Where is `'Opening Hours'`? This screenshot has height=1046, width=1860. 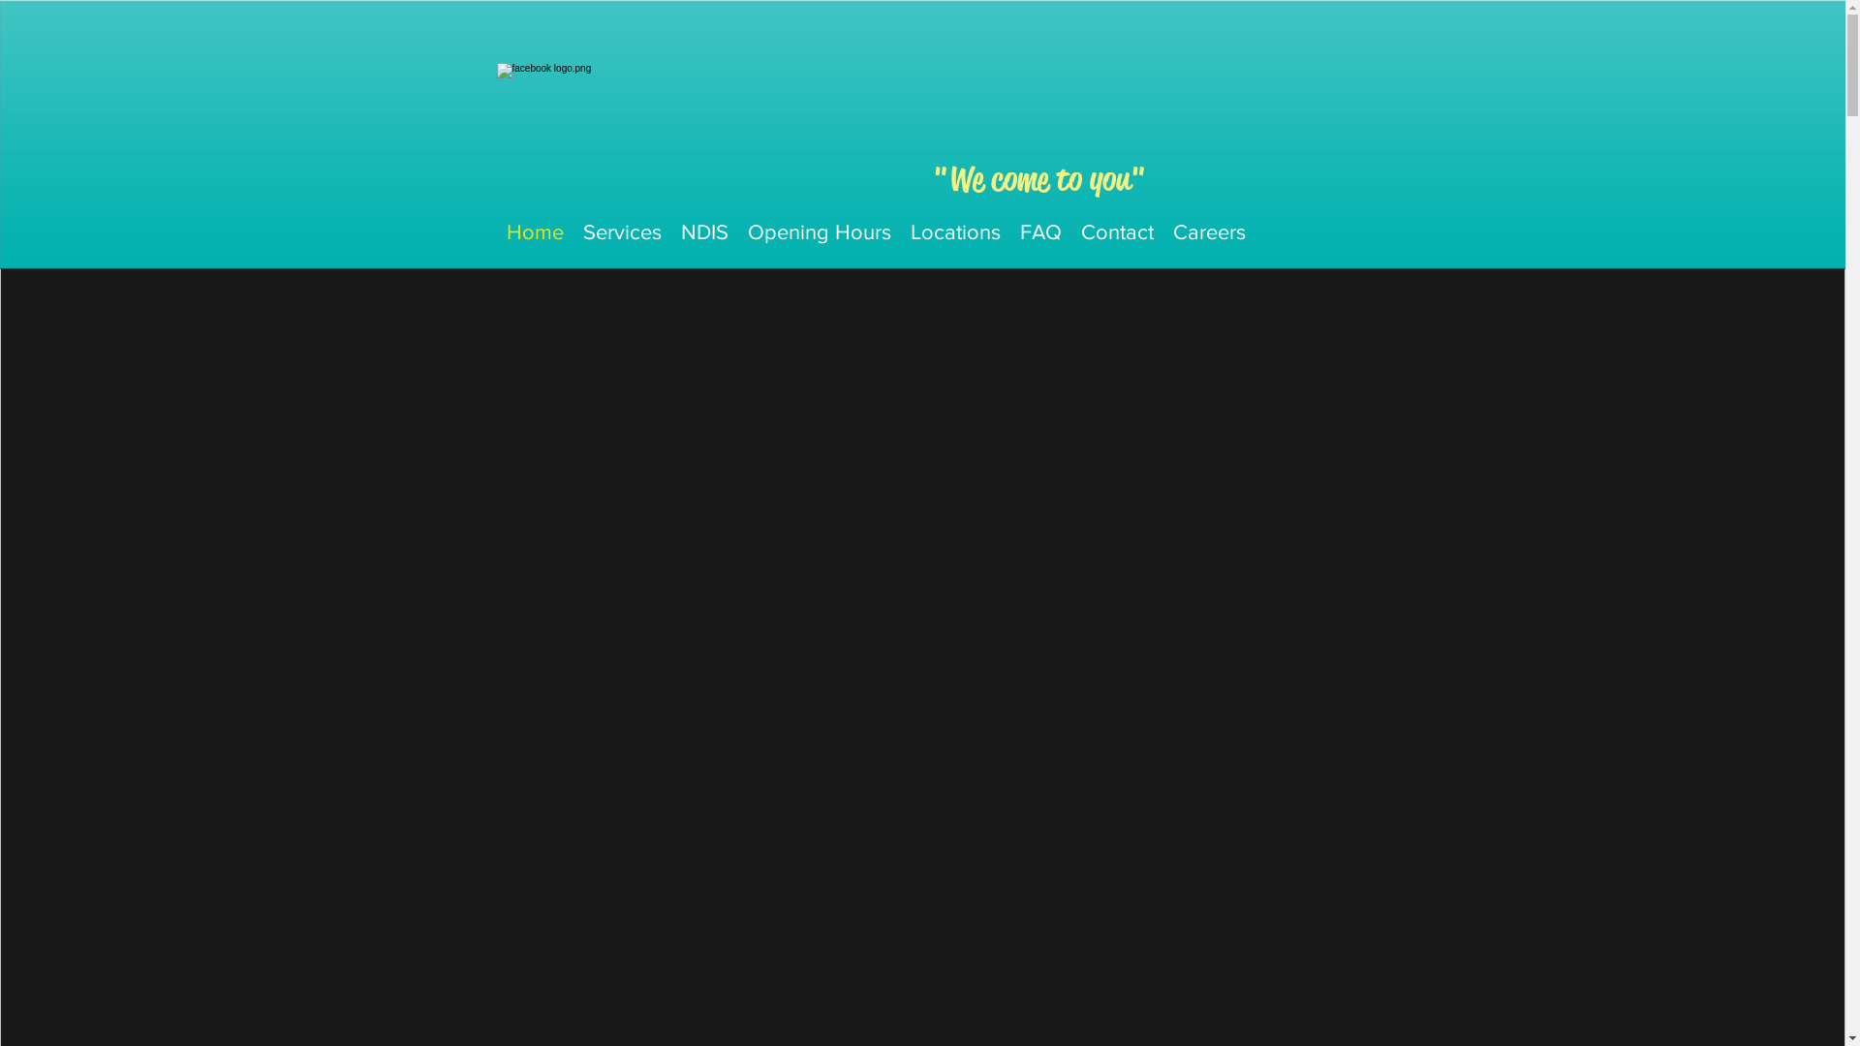 'Opening Hours' is located at coordinates (819, 231).